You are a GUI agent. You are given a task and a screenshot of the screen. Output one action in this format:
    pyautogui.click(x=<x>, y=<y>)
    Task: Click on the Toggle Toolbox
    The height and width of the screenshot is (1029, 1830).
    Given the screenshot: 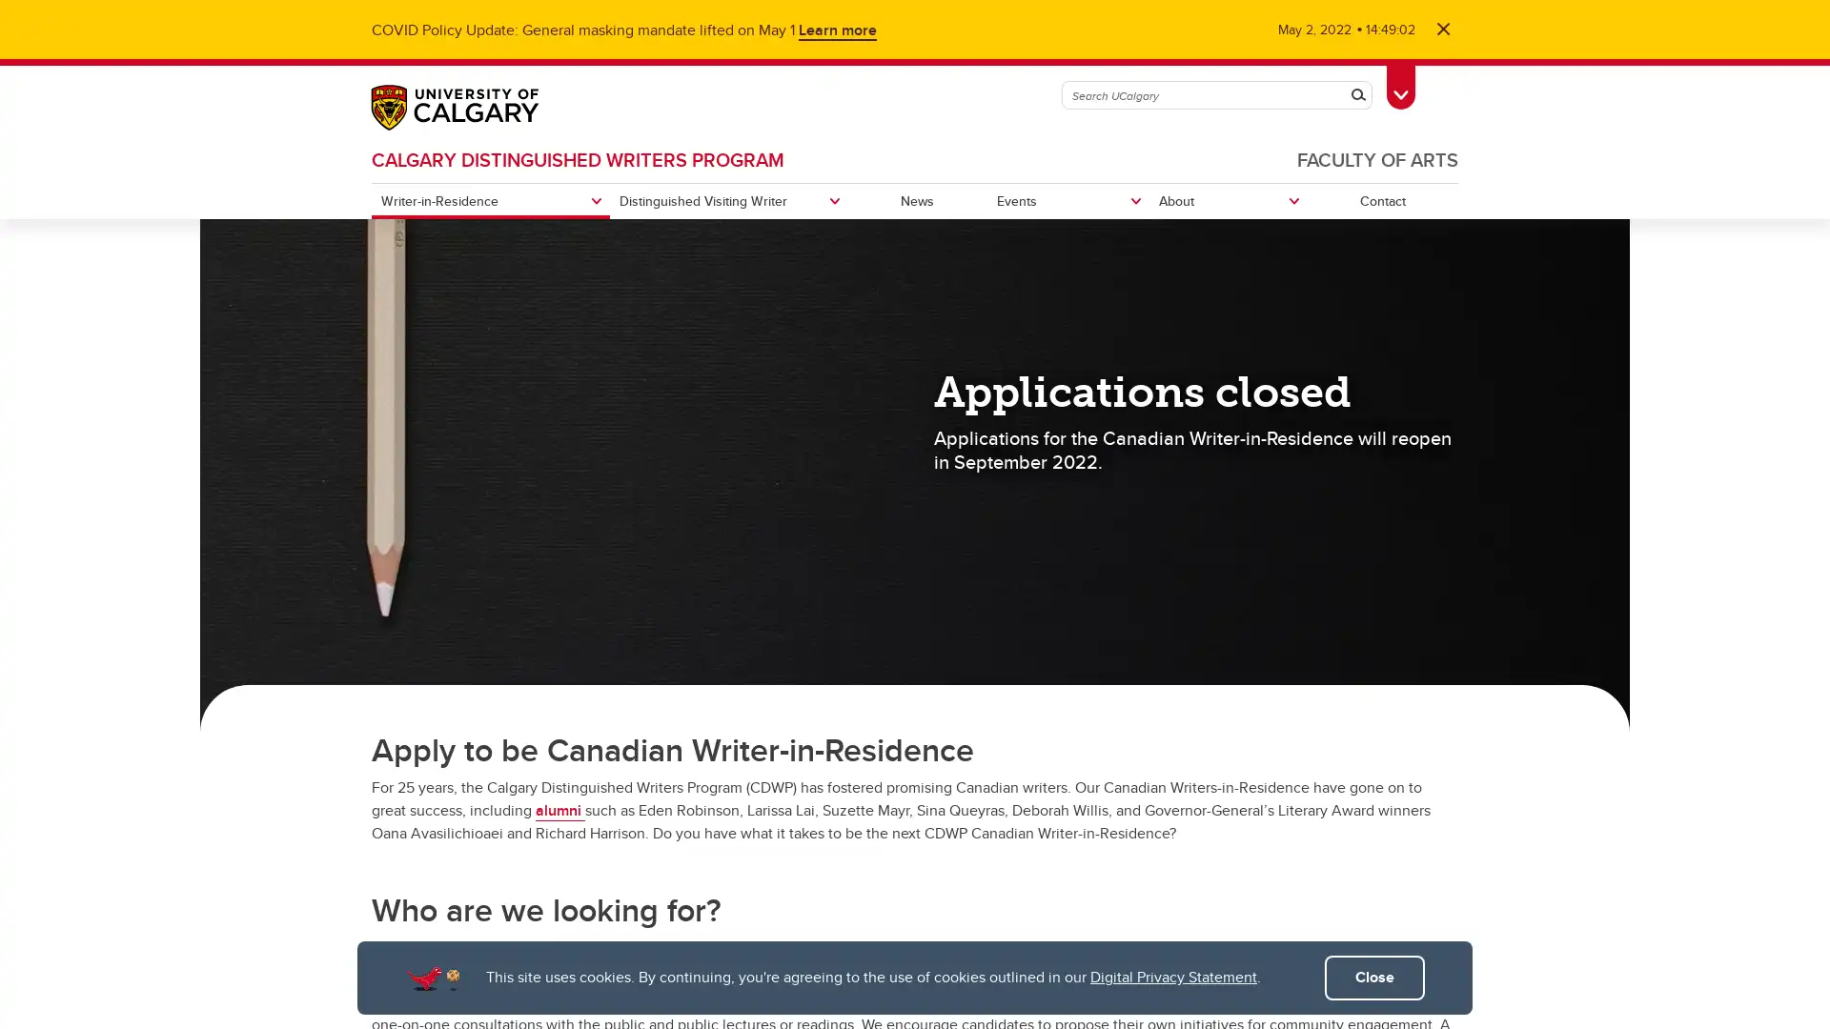 What is the action you would take?
    pyautogui.click(x=1400, y=83)
    